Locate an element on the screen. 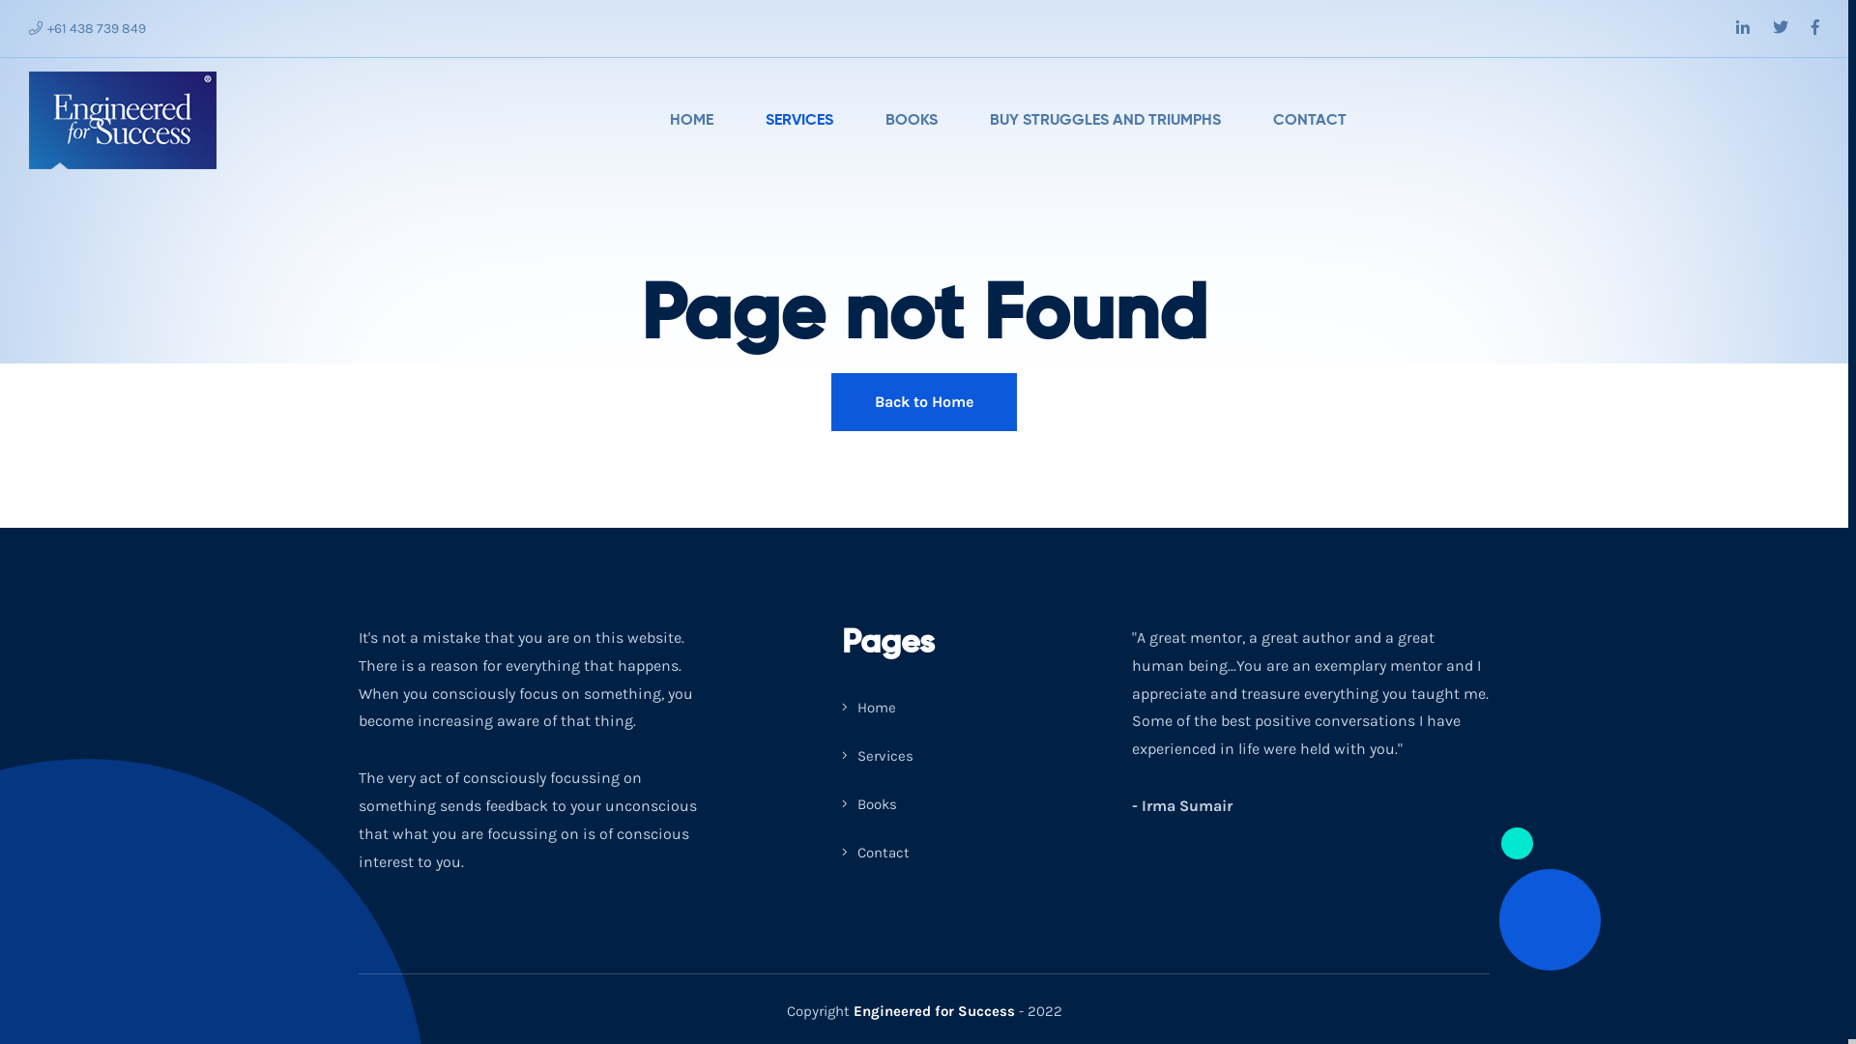 This screenshot has height=1044, width=1856. 'SERVICES' is located at coordinates (798, 120).